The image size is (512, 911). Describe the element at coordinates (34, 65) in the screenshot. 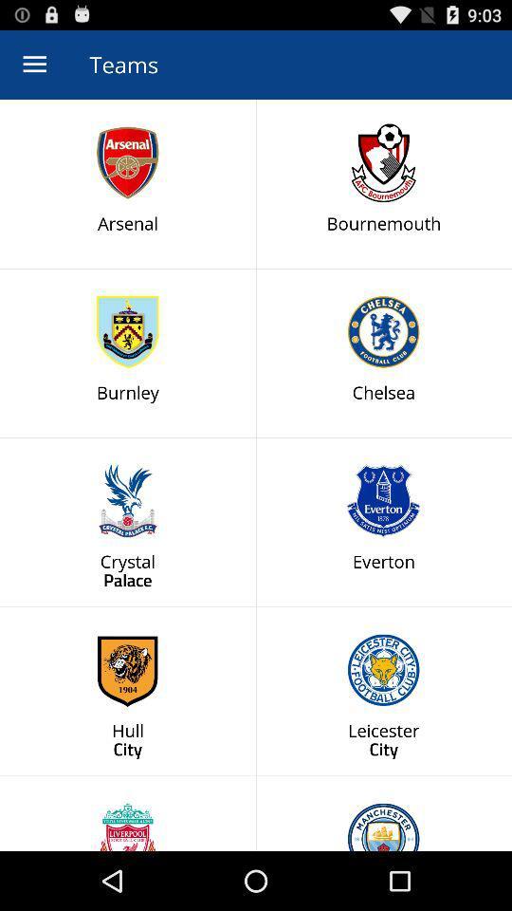

I see `the item to the left of the teams` at that location.